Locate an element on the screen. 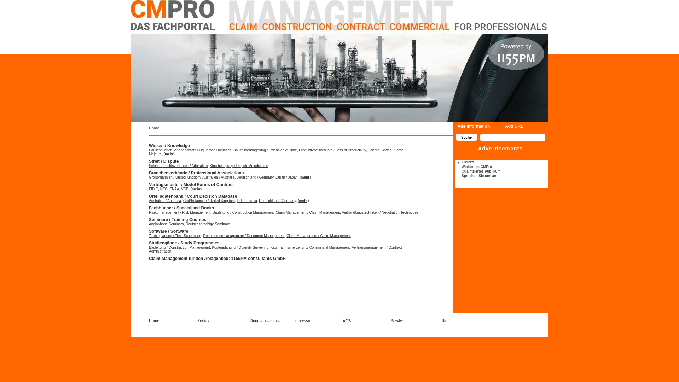 This screenshot has height=382, width=679. 'Hilfe' is located at coordinates (439, 320).